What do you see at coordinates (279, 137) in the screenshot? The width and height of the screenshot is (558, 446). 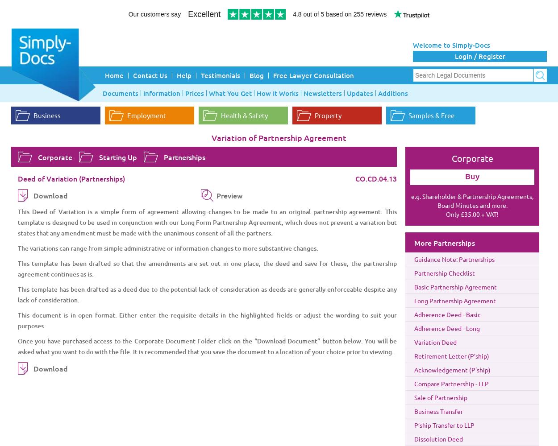 I see `'Variation of Partnership Agreement'` at bounding box center [279, 137].